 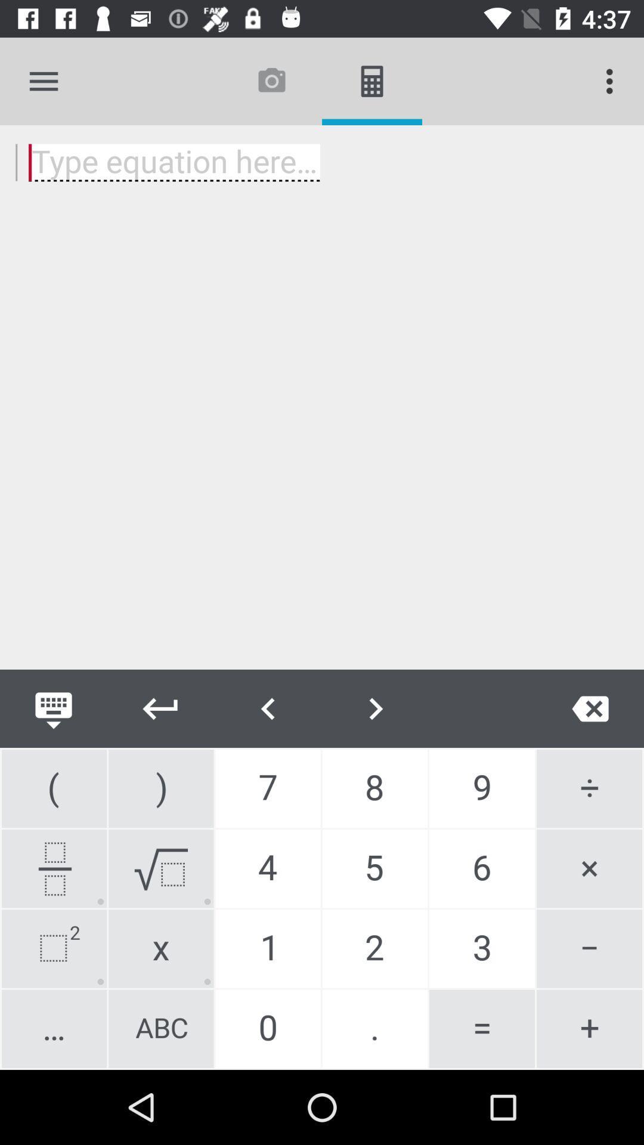 What do you see at coordinates (52, 708) in the screenshot?
I see `keyboard` at bounding box center [52, 708].